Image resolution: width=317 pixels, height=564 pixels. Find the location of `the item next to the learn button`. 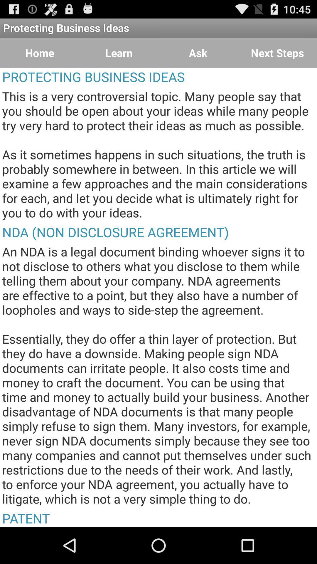

the item next to the learn button is located at coordinates (198, 53).